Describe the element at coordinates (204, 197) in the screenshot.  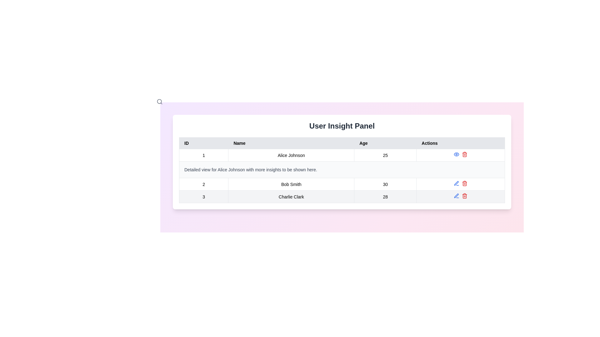
I see `text '3' from the Table Cell element in the ID column, located in the first column of the fourth row of the table` at that location.